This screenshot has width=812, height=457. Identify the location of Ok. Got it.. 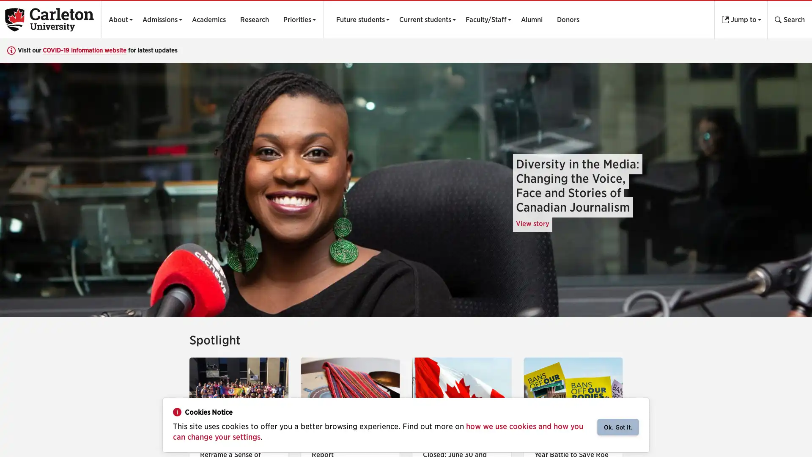
(618, 427).